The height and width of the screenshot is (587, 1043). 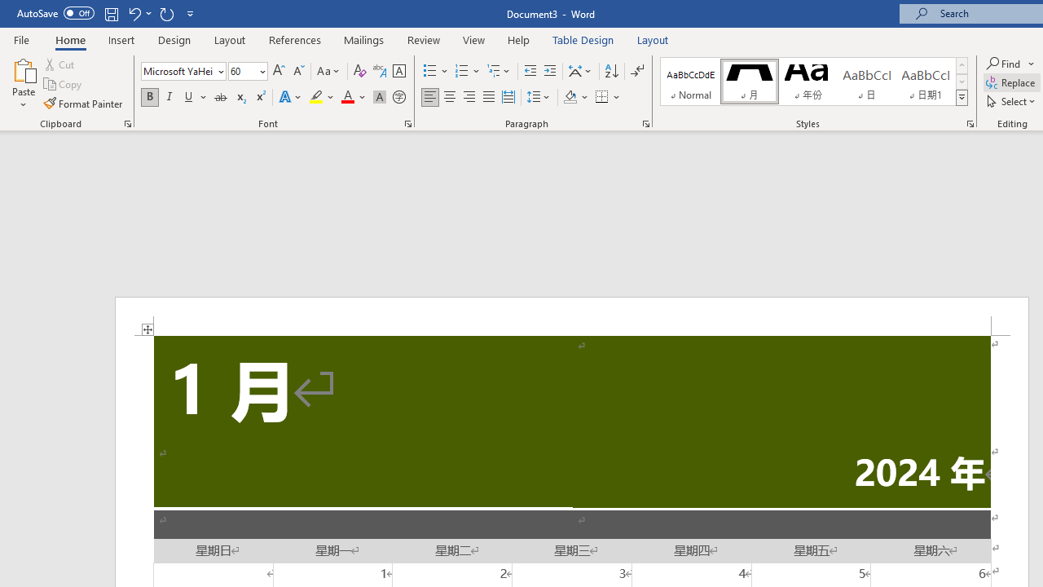 I want to click on 'Distributed', so click(x=508, y=97).